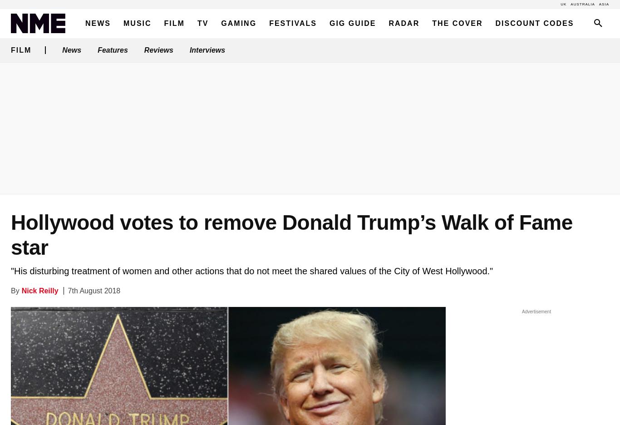  What do you see at coordinates (239, 23) in the screenshot?
I see `'Gaming'` at bounding box center [239, 23].